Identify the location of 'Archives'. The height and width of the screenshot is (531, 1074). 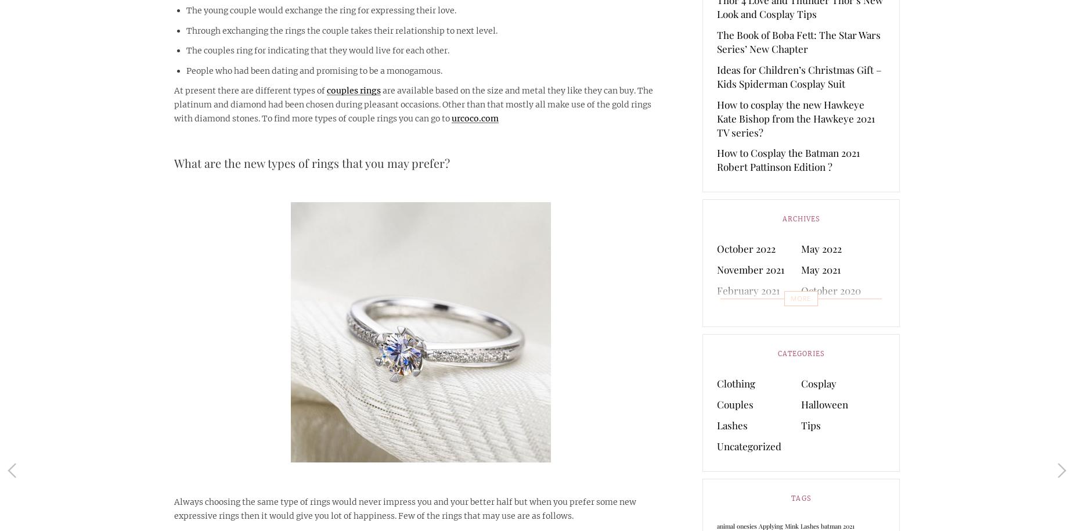
(800, 219).